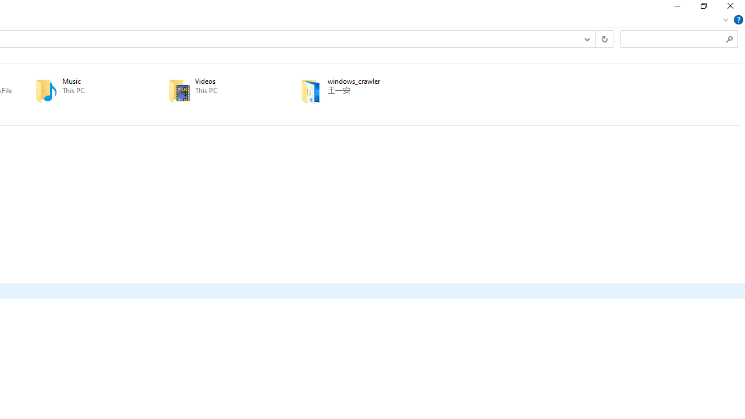  Describe the element at coordinates (595, 38) in the screenshot. I see `'Address band toolbar'` at that location.